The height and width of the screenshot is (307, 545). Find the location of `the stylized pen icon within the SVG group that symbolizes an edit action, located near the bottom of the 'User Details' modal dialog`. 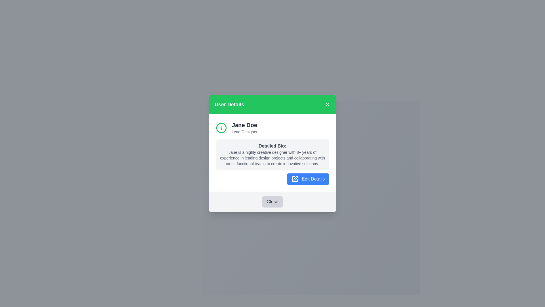

the stylized pen icon within the SVG group that symbolizes an edit action, located near the bottom of the 'User Details' modal dialog is located at coordinates (295, 178).